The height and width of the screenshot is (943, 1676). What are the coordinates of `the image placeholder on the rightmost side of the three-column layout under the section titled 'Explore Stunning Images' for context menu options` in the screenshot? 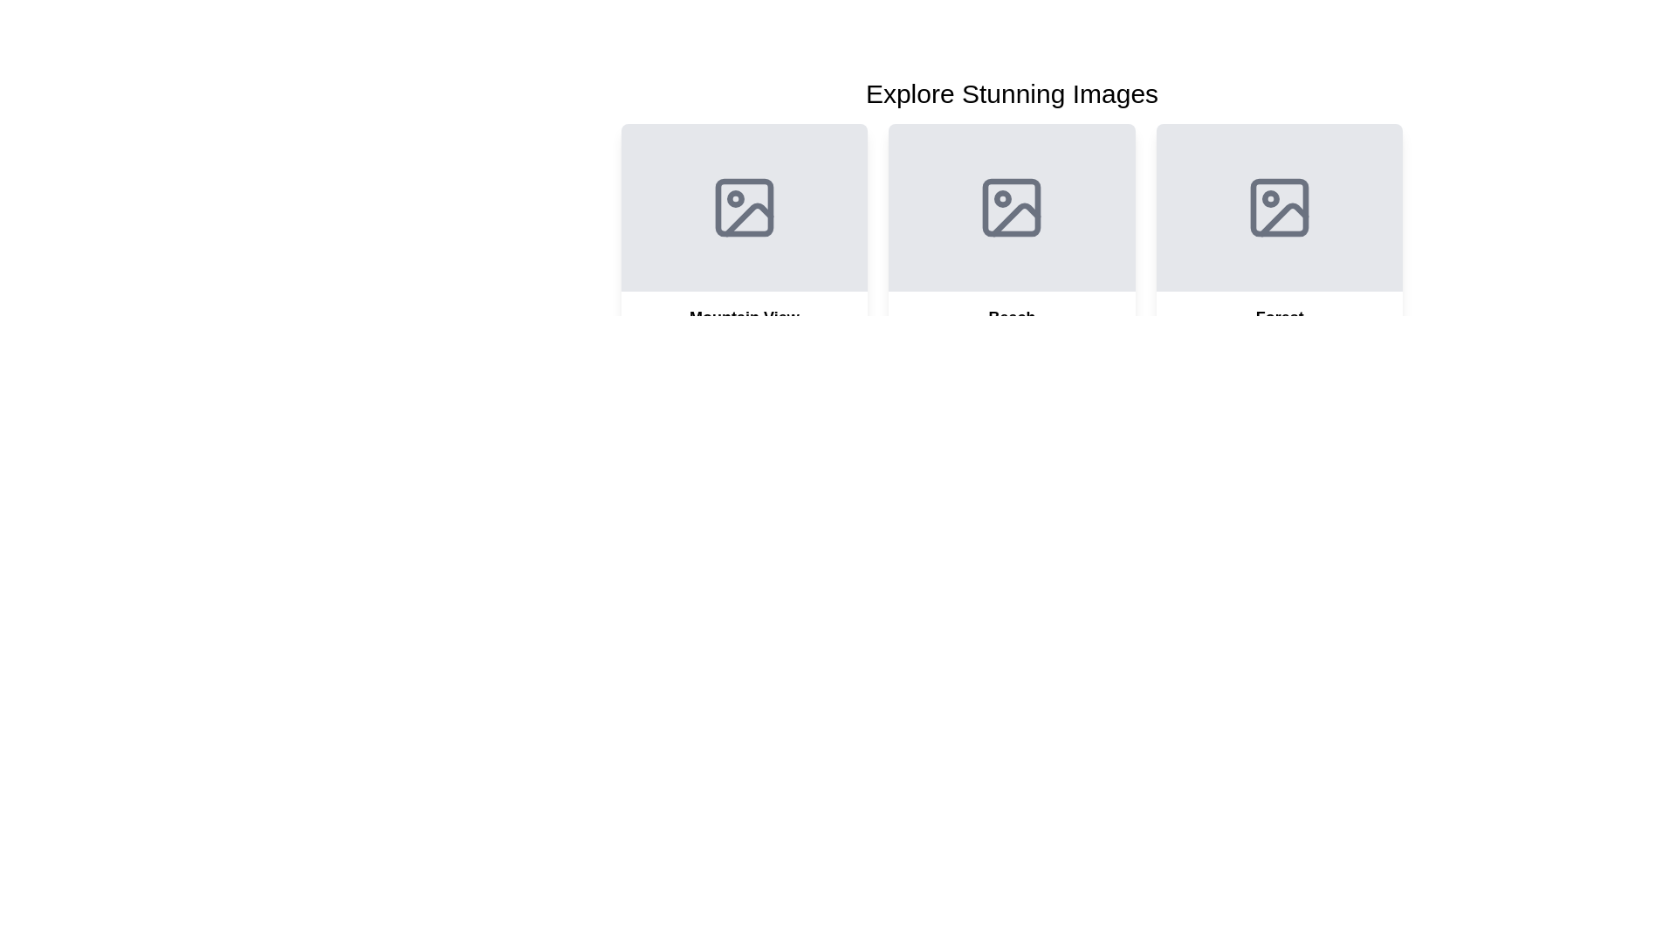 It's located at (1280, 207).